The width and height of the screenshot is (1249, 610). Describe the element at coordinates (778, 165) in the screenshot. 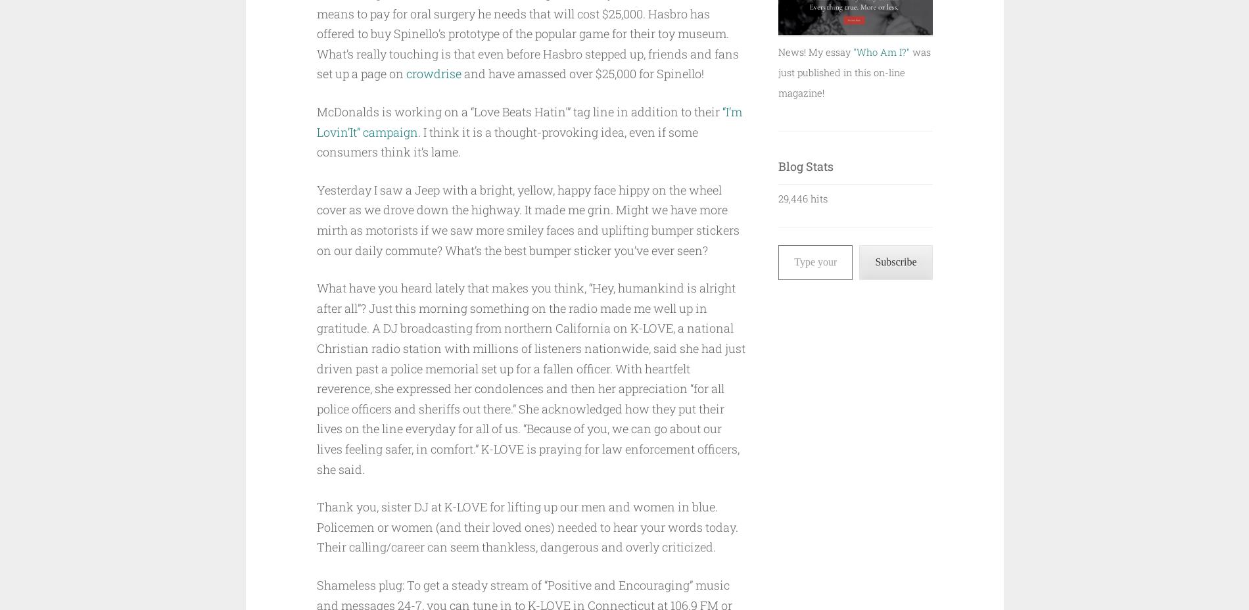

I see `'Blog Stats'` at that location.